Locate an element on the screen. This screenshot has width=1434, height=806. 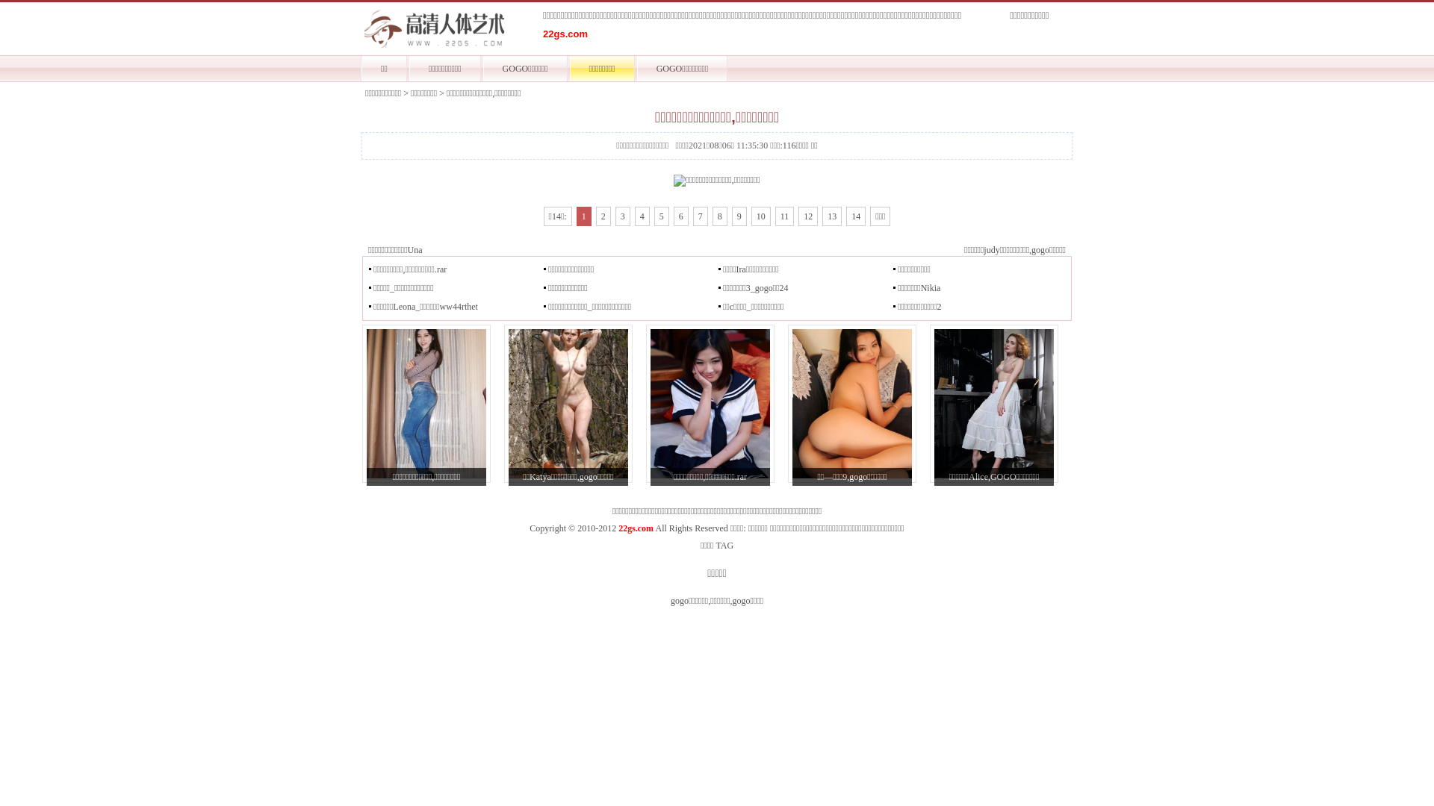
'1' is located at coordinates (583, 216).